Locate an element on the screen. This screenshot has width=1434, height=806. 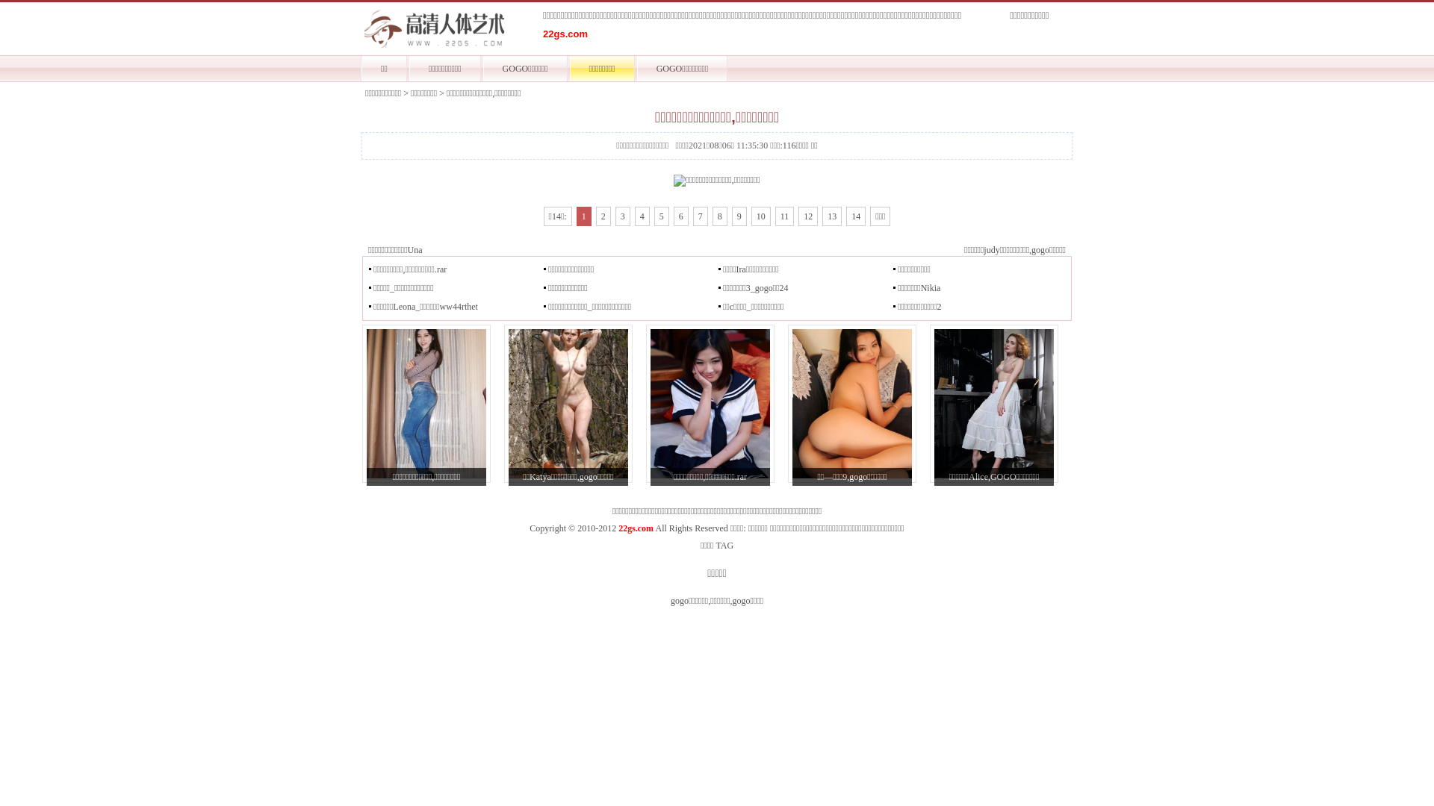
'1' is located at coordinates (583, 216).